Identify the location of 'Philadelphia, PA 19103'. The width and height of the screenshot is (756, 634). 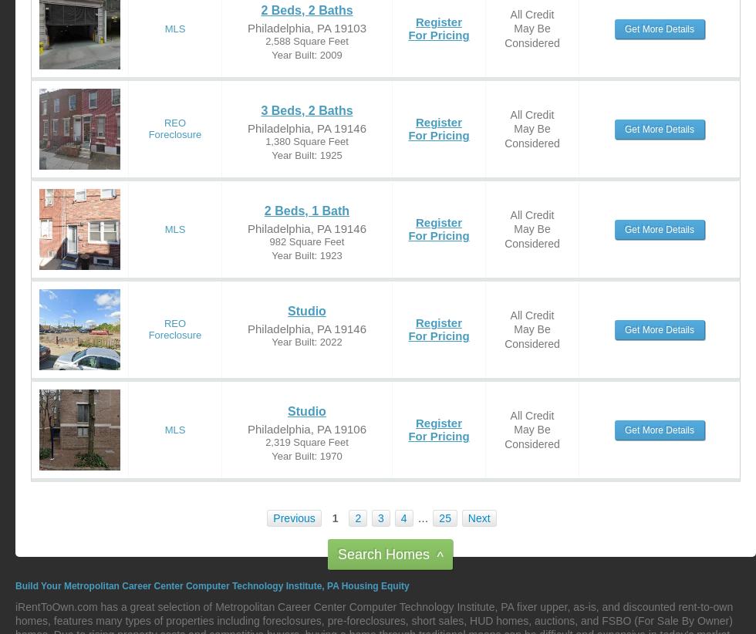
(306, 26).